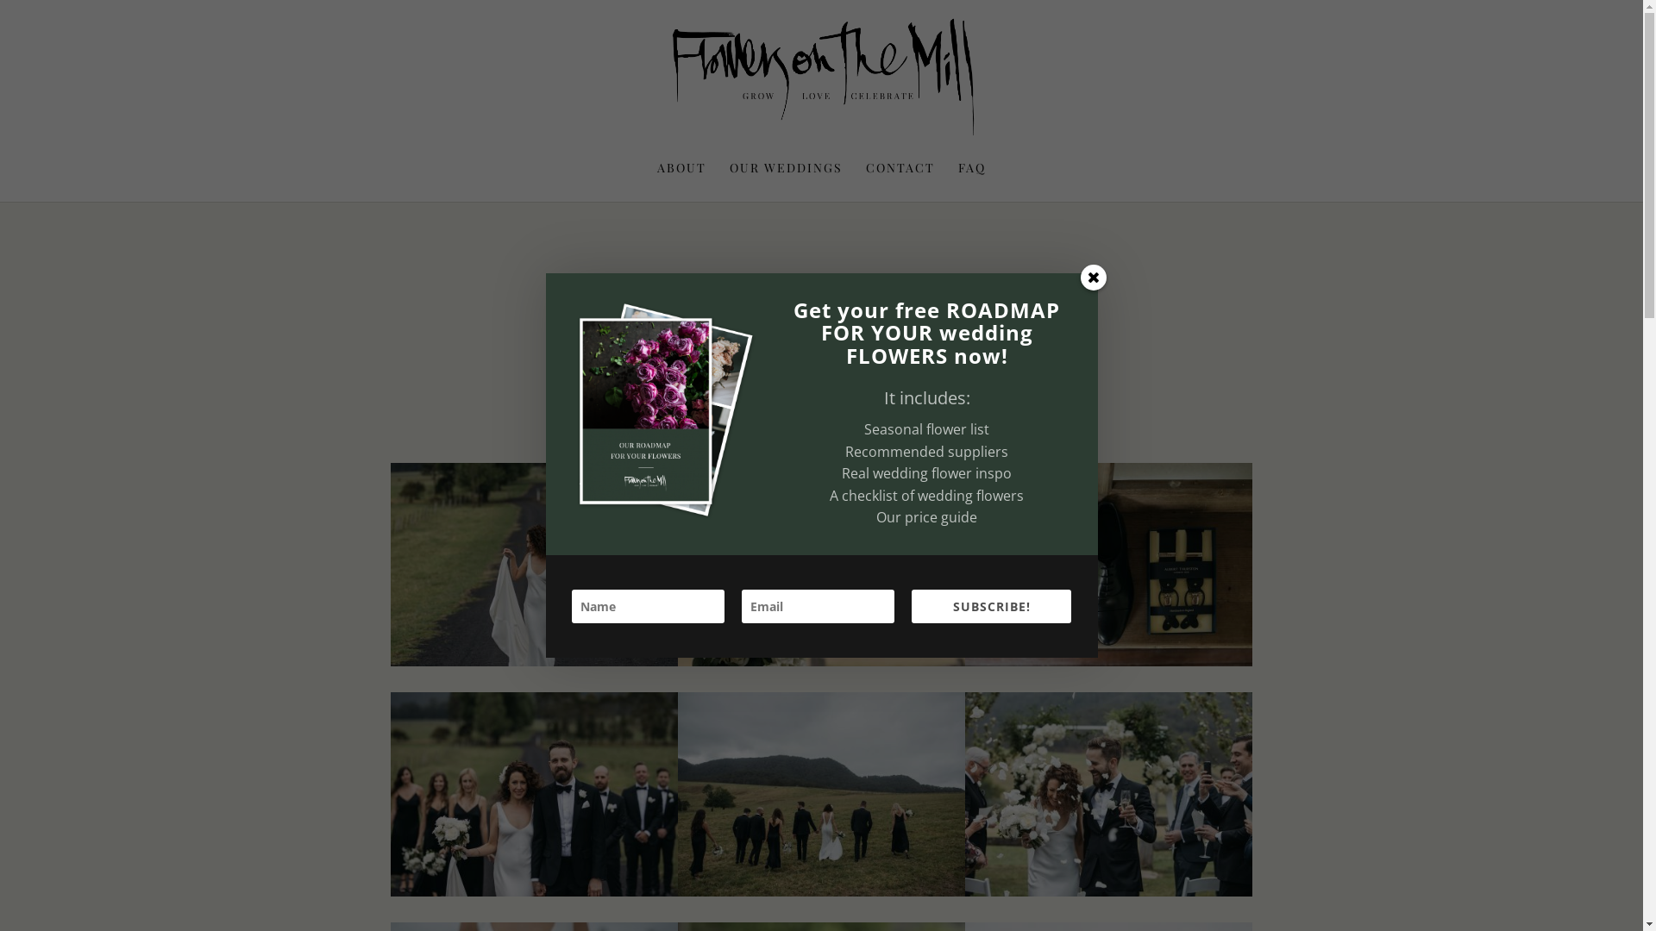 This screenshot has width=1656, height=931. I want to click on 'CONTACT', so click(899, 182).